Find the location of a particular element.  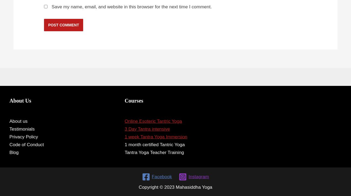

'1 month certified Tantric Yoga' is located at coordinates (124, 144).